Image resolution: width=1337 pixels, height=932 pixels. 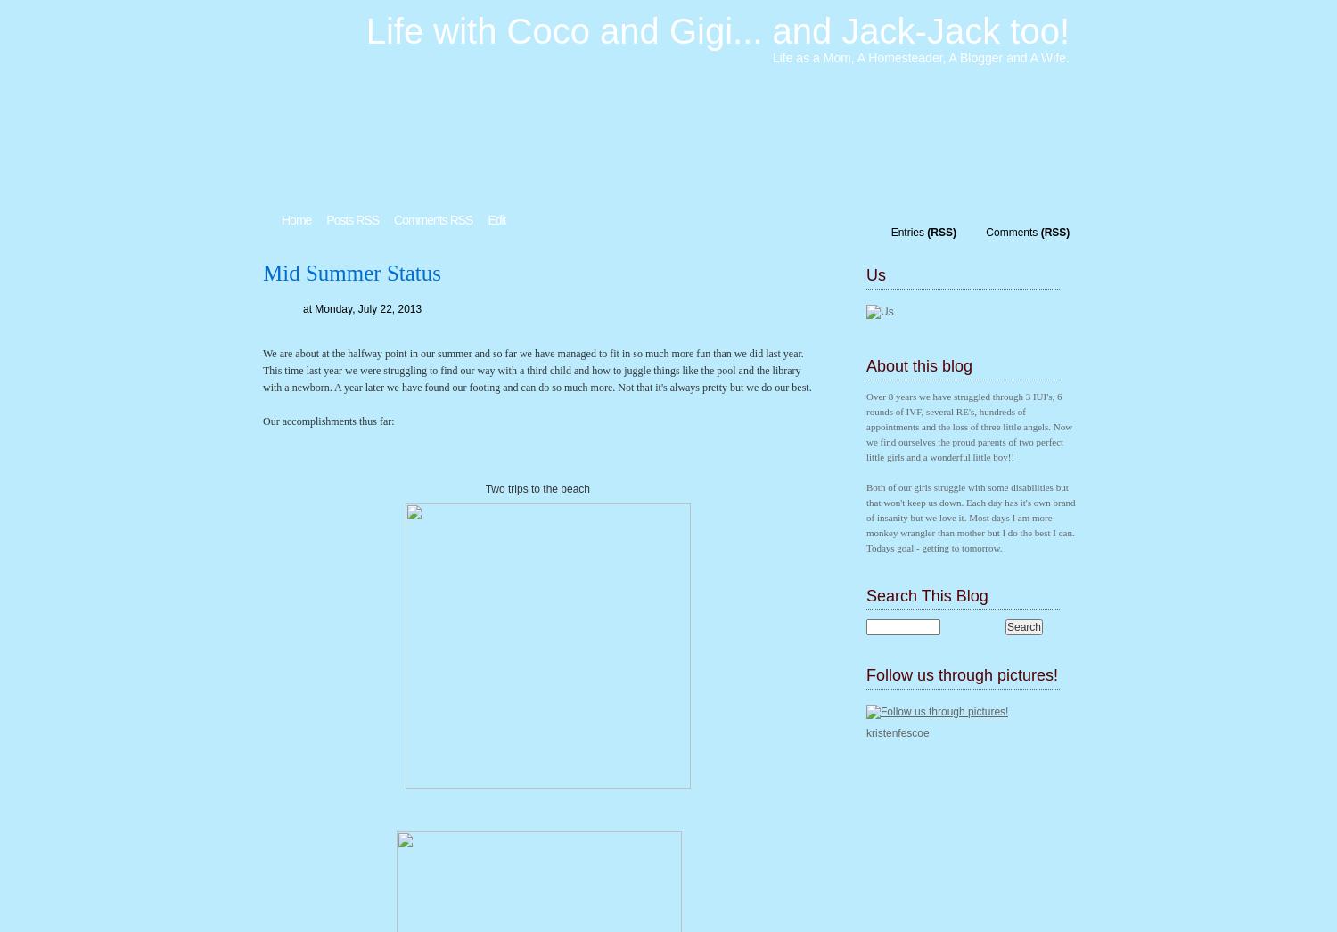 I want to click on 'at', so click(x=308, y=307).